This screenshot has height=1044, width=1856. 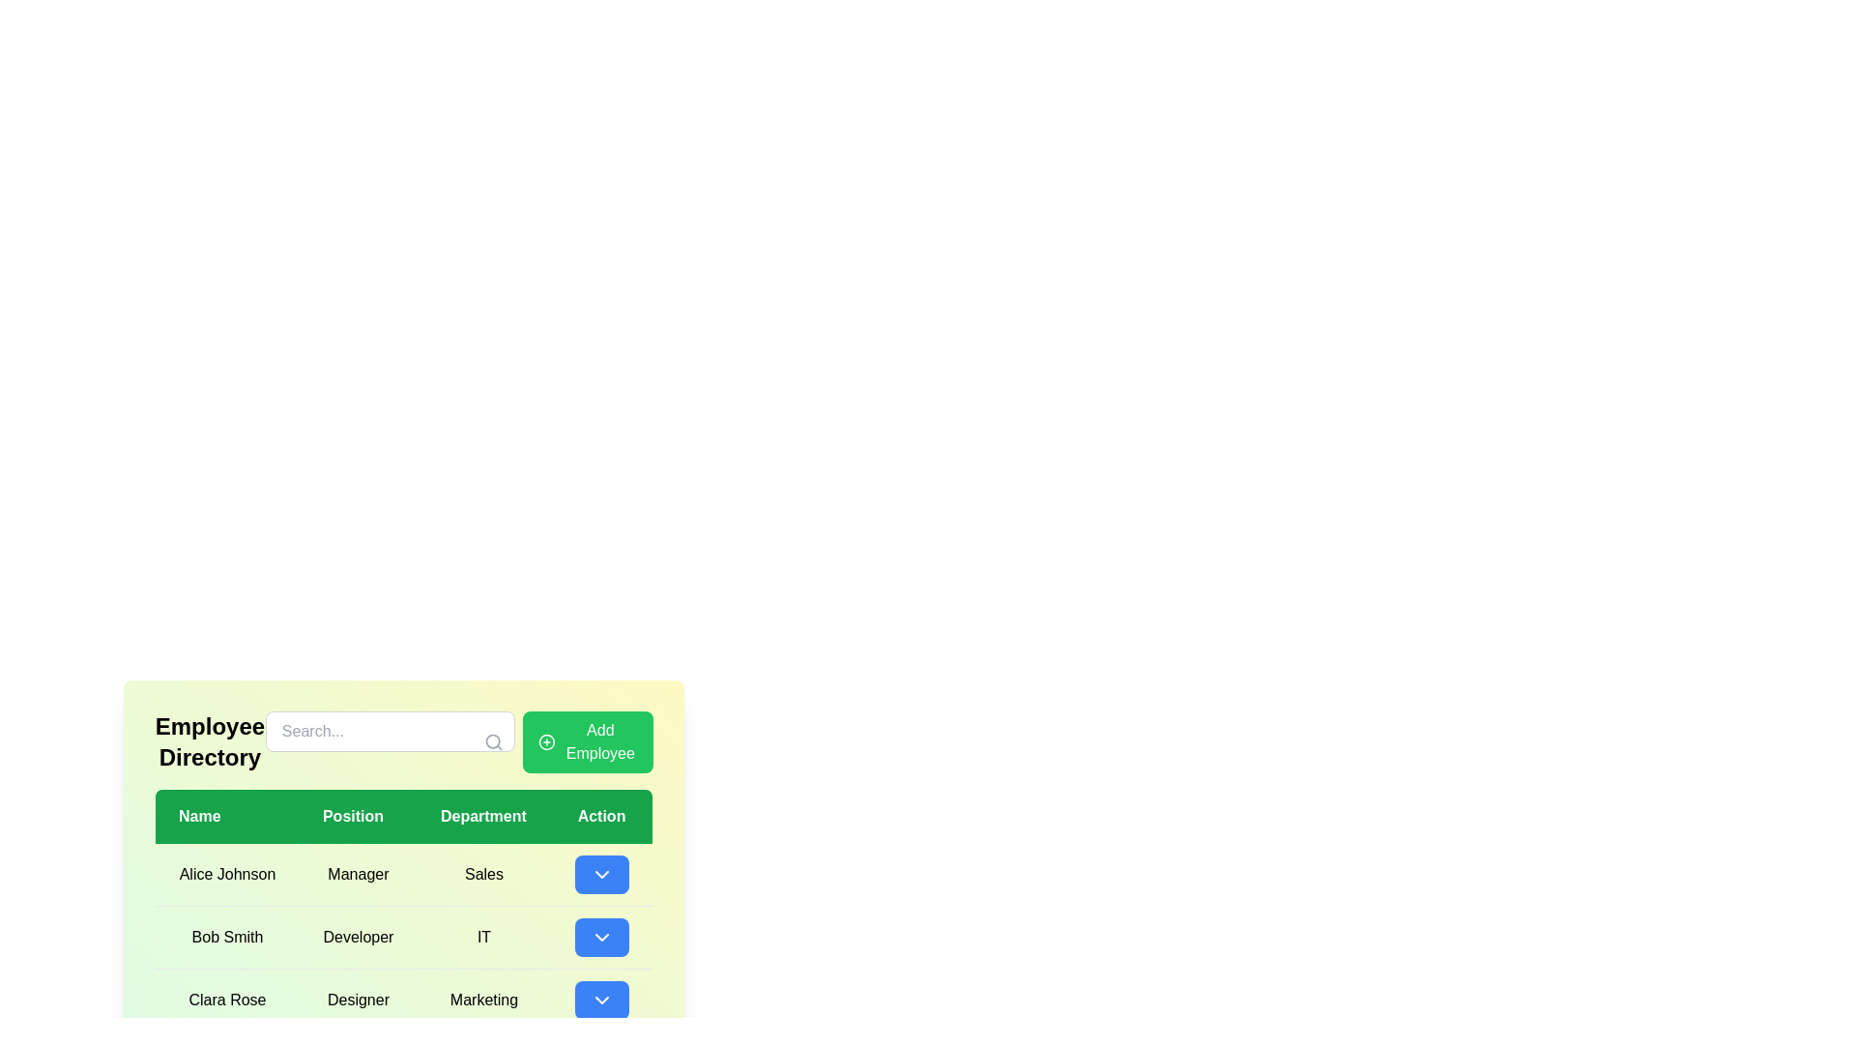 I want to click on the chevron-down icon within the blue button in the first row of the 'Action' column, so click(x=600, y=875).